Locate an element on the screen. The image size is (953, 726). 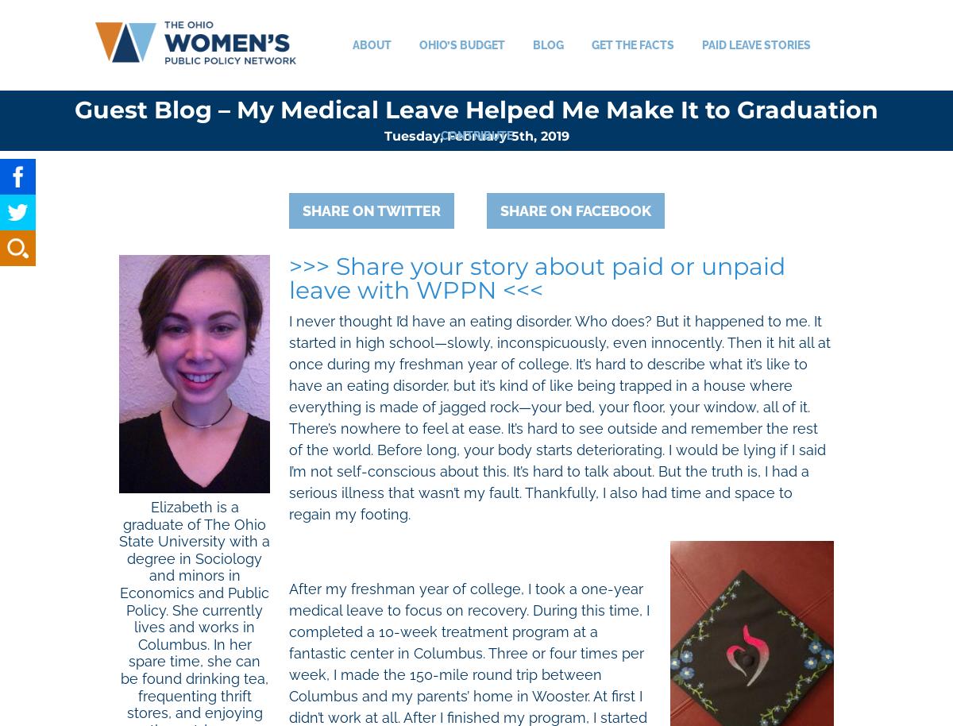
'About' is located at coordinates (370, 44).